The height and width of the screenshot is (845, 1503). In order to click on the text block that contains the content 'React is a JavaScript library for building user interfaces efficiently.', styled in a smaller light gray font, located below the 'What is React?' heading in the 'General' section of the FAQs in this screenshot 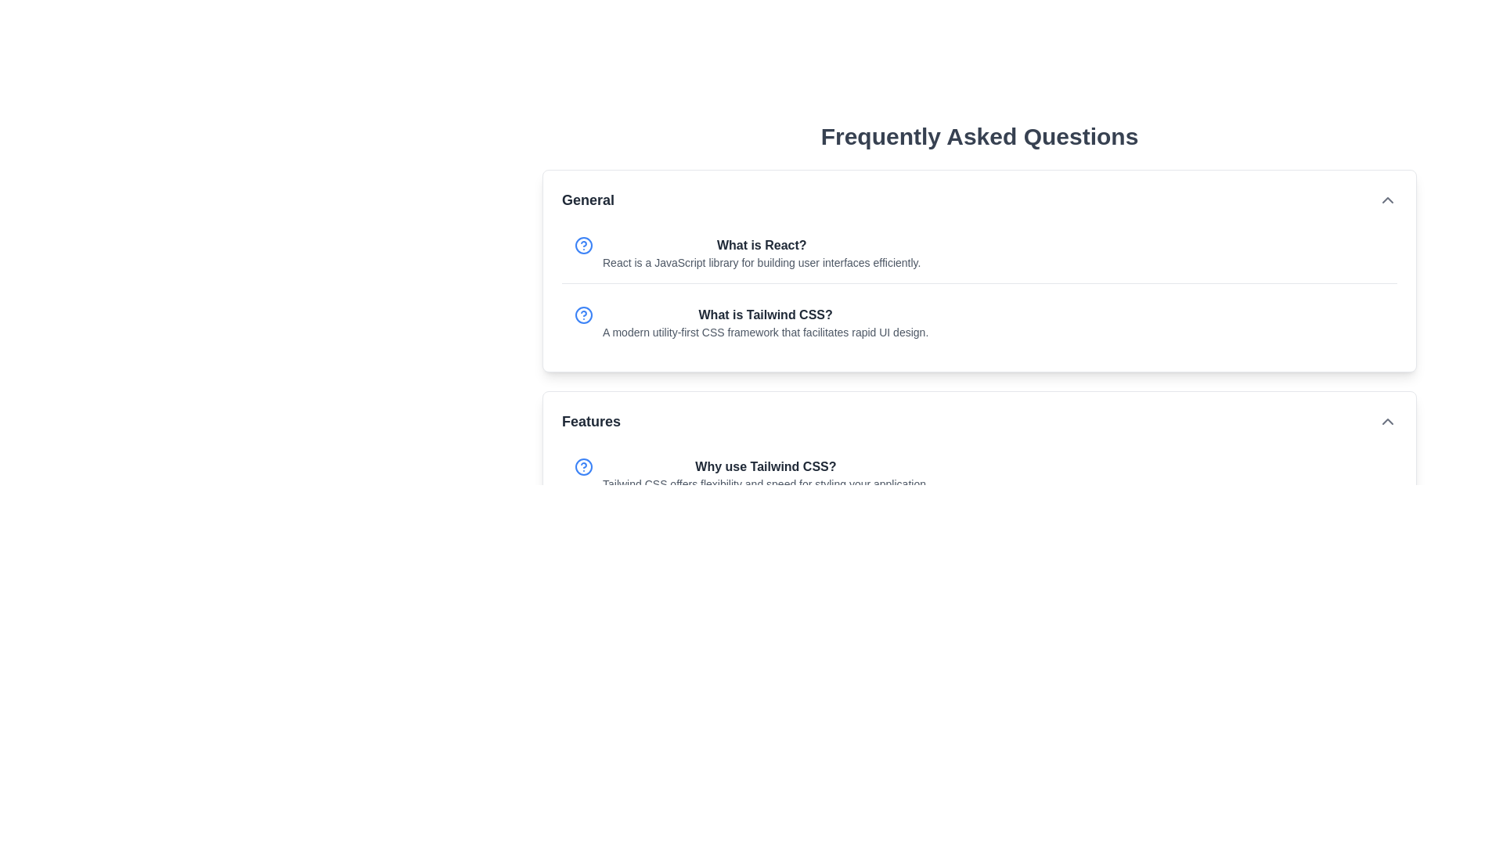, I will do `click(762, 261)`.